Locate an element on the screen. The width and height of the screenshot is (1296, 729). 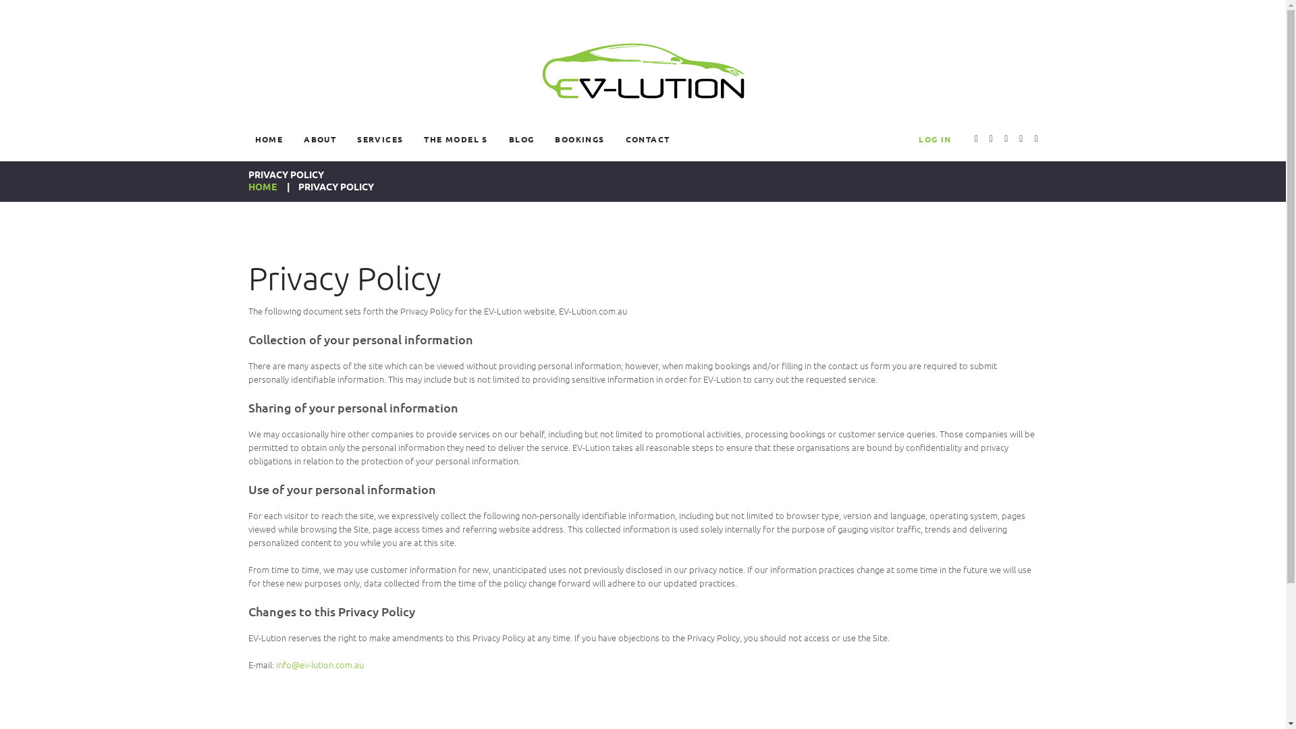
'HOME' is located at coordinates (262, 186).